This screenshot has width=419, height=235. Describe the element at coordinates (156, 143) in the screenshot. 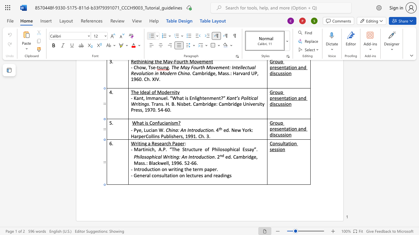

I see `the space between the continuous character "e" and "s" in the text` at that location.